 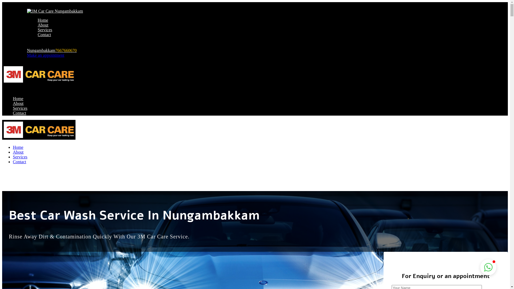 I want to click on 'Nungambakkam7667660670', so click(x=52, y=50).